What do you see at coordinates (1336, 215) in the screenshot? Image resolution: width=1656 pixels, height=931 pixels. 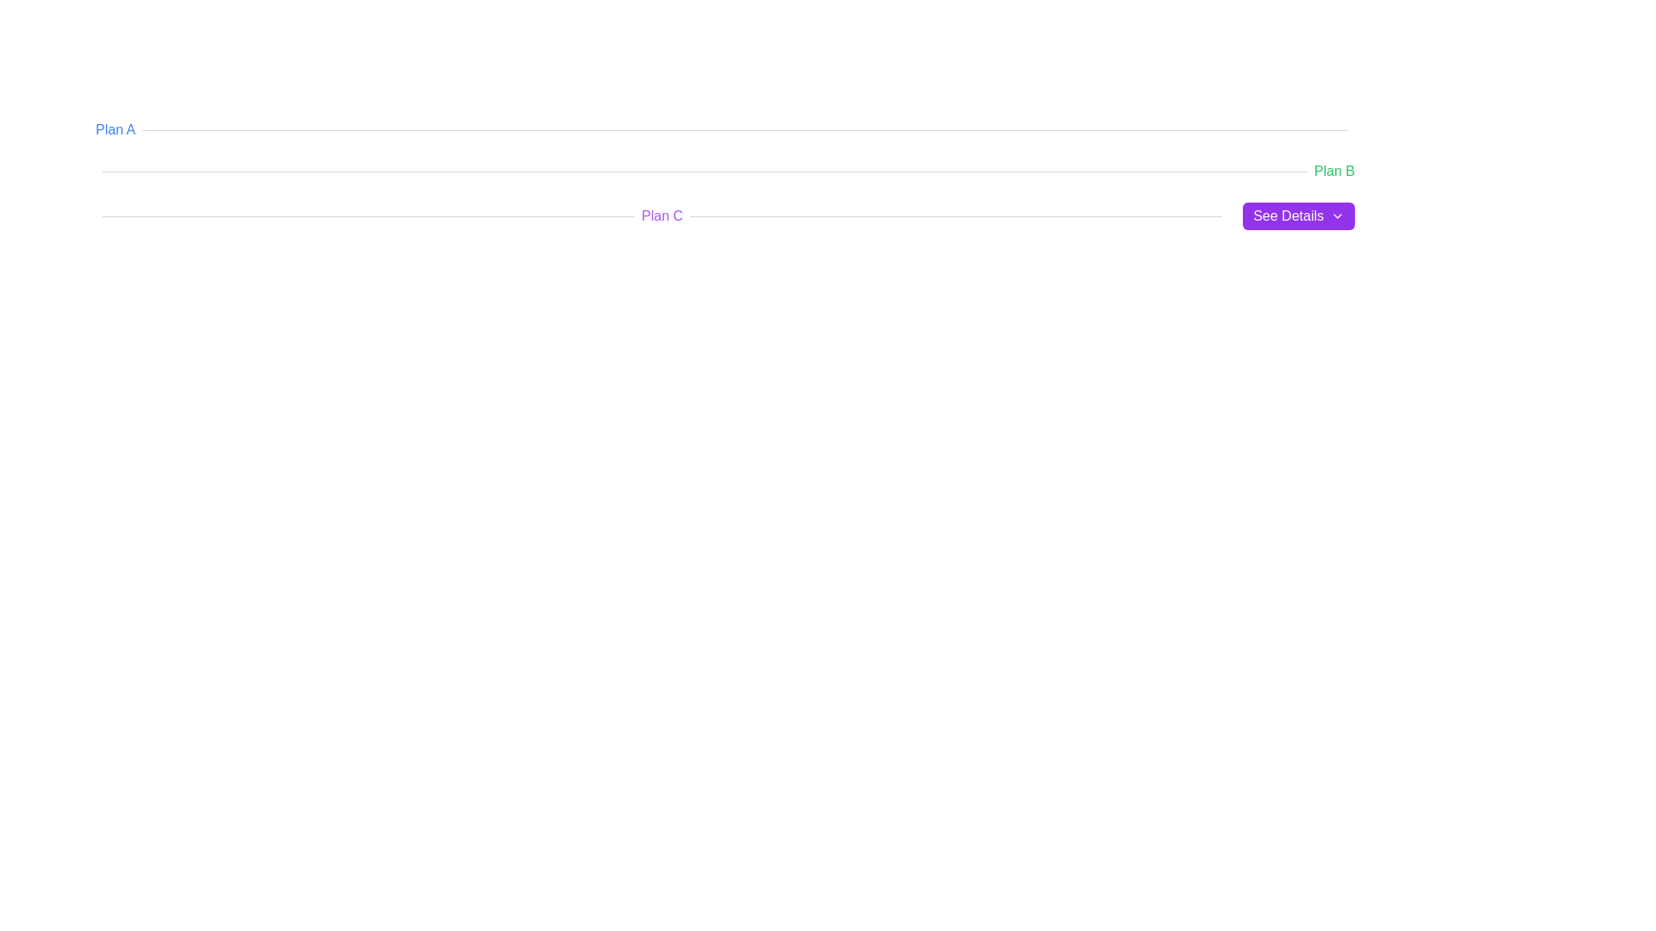 I see `the small SVG graphic resembling a downward-pointing chevron, which is located to the right of the 'See Details' text within the purple button` at bounding box center [1336, 215].